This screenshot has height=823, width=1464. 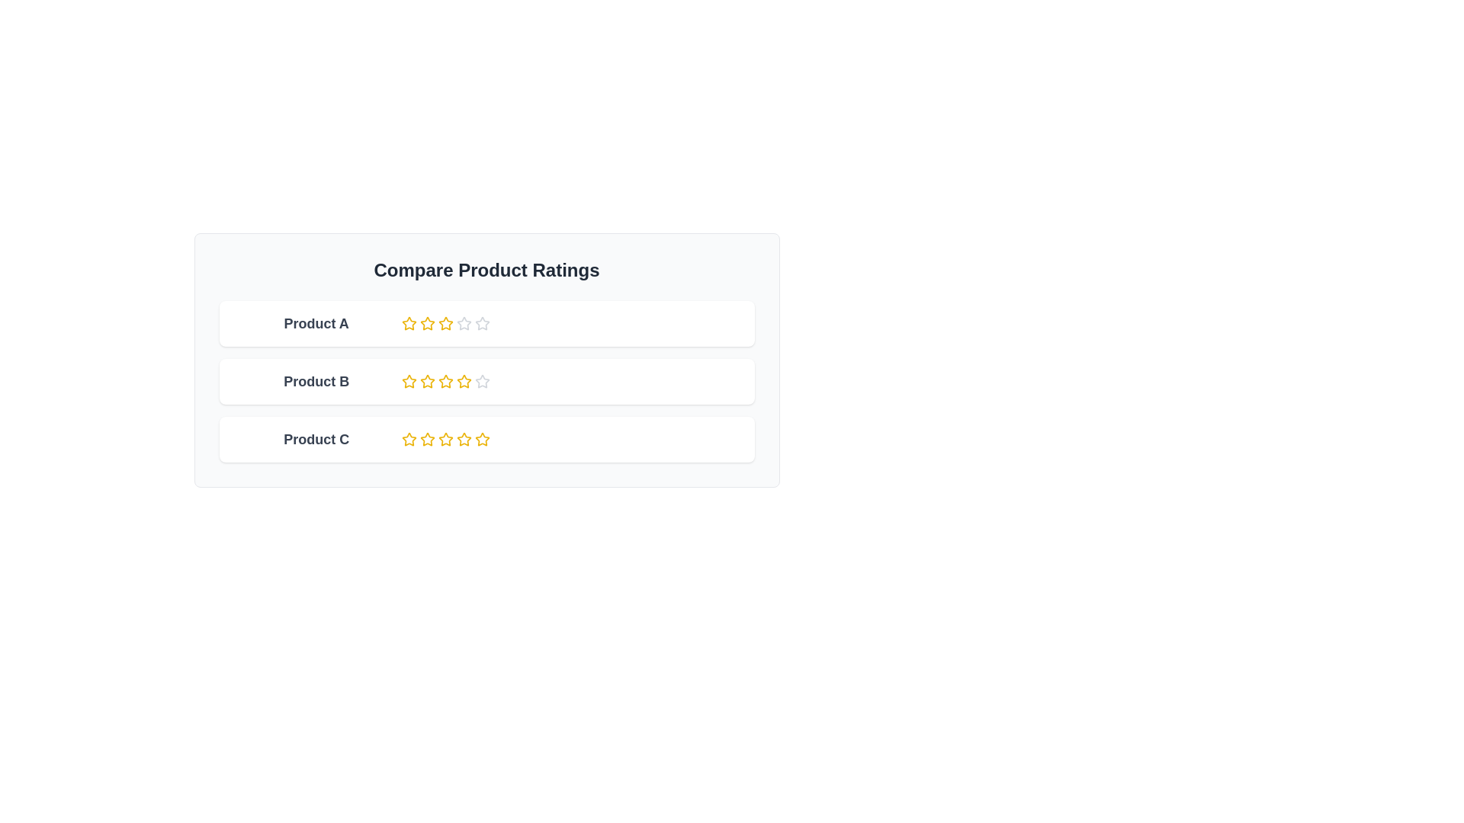 I want to click on the third star-shaped rating icon in the second row associated with 'Product B' to rate it, so click(x=427, y=380).